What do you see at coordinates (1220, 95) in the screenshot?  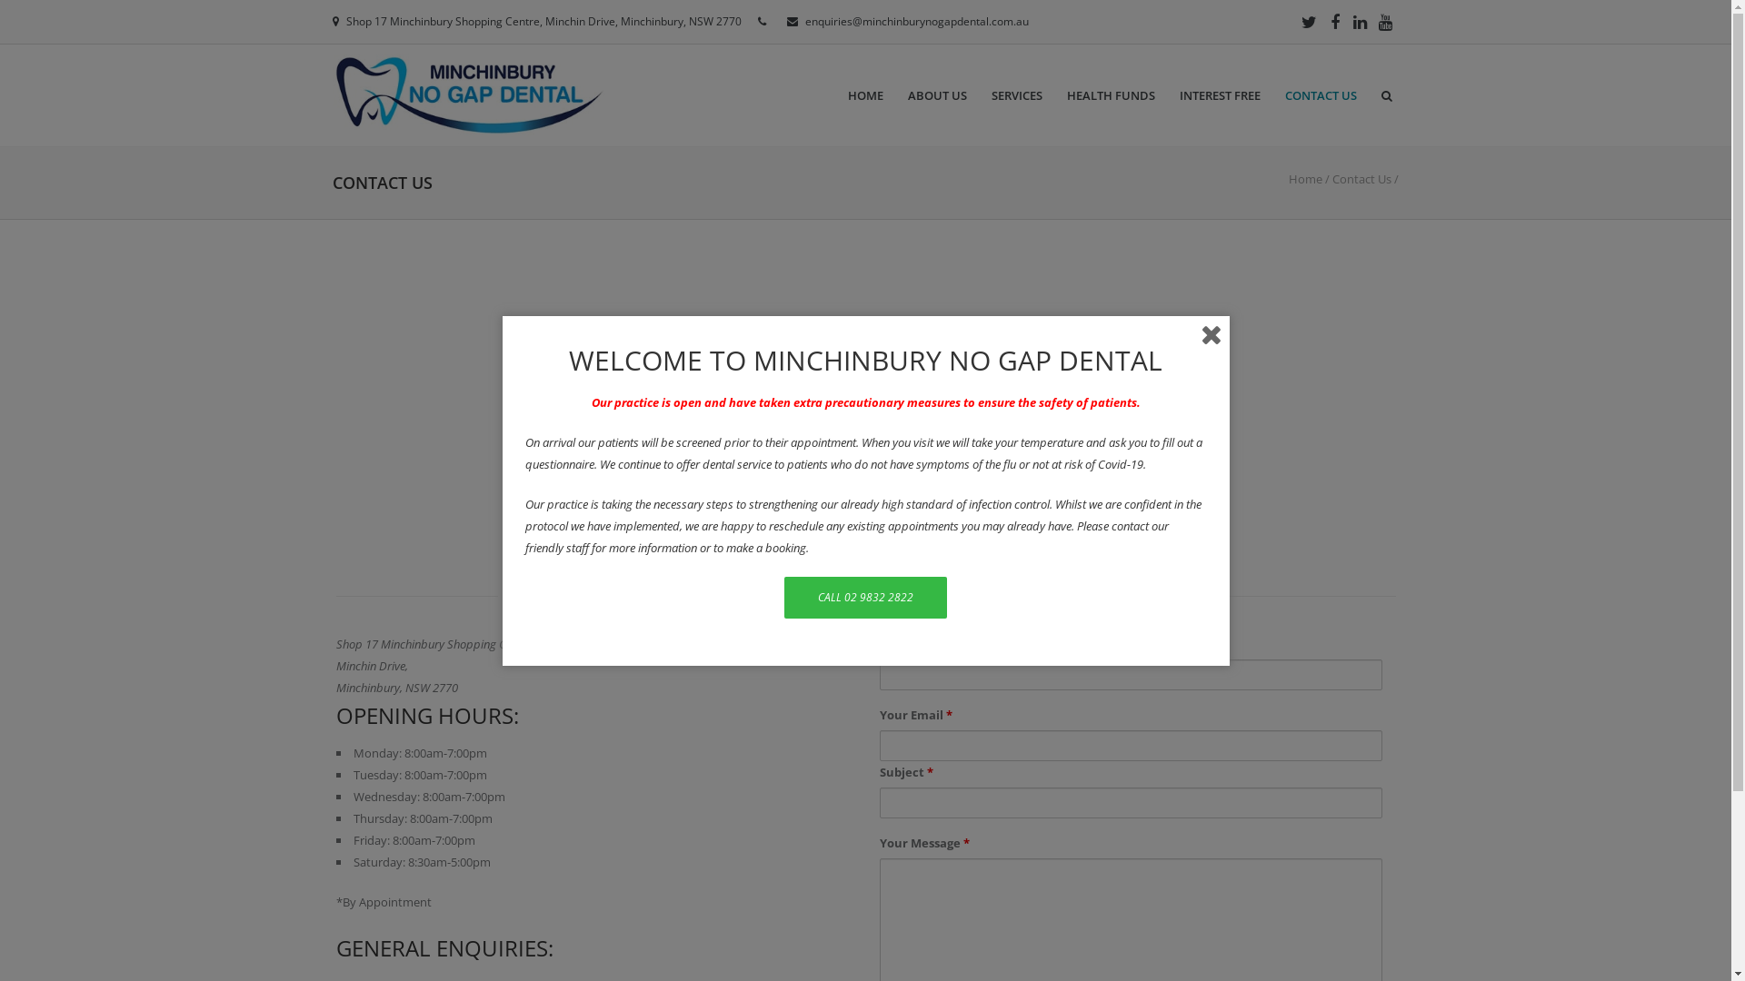 I see `'INTEREST FREE'` at bounding box center [1220, 95].